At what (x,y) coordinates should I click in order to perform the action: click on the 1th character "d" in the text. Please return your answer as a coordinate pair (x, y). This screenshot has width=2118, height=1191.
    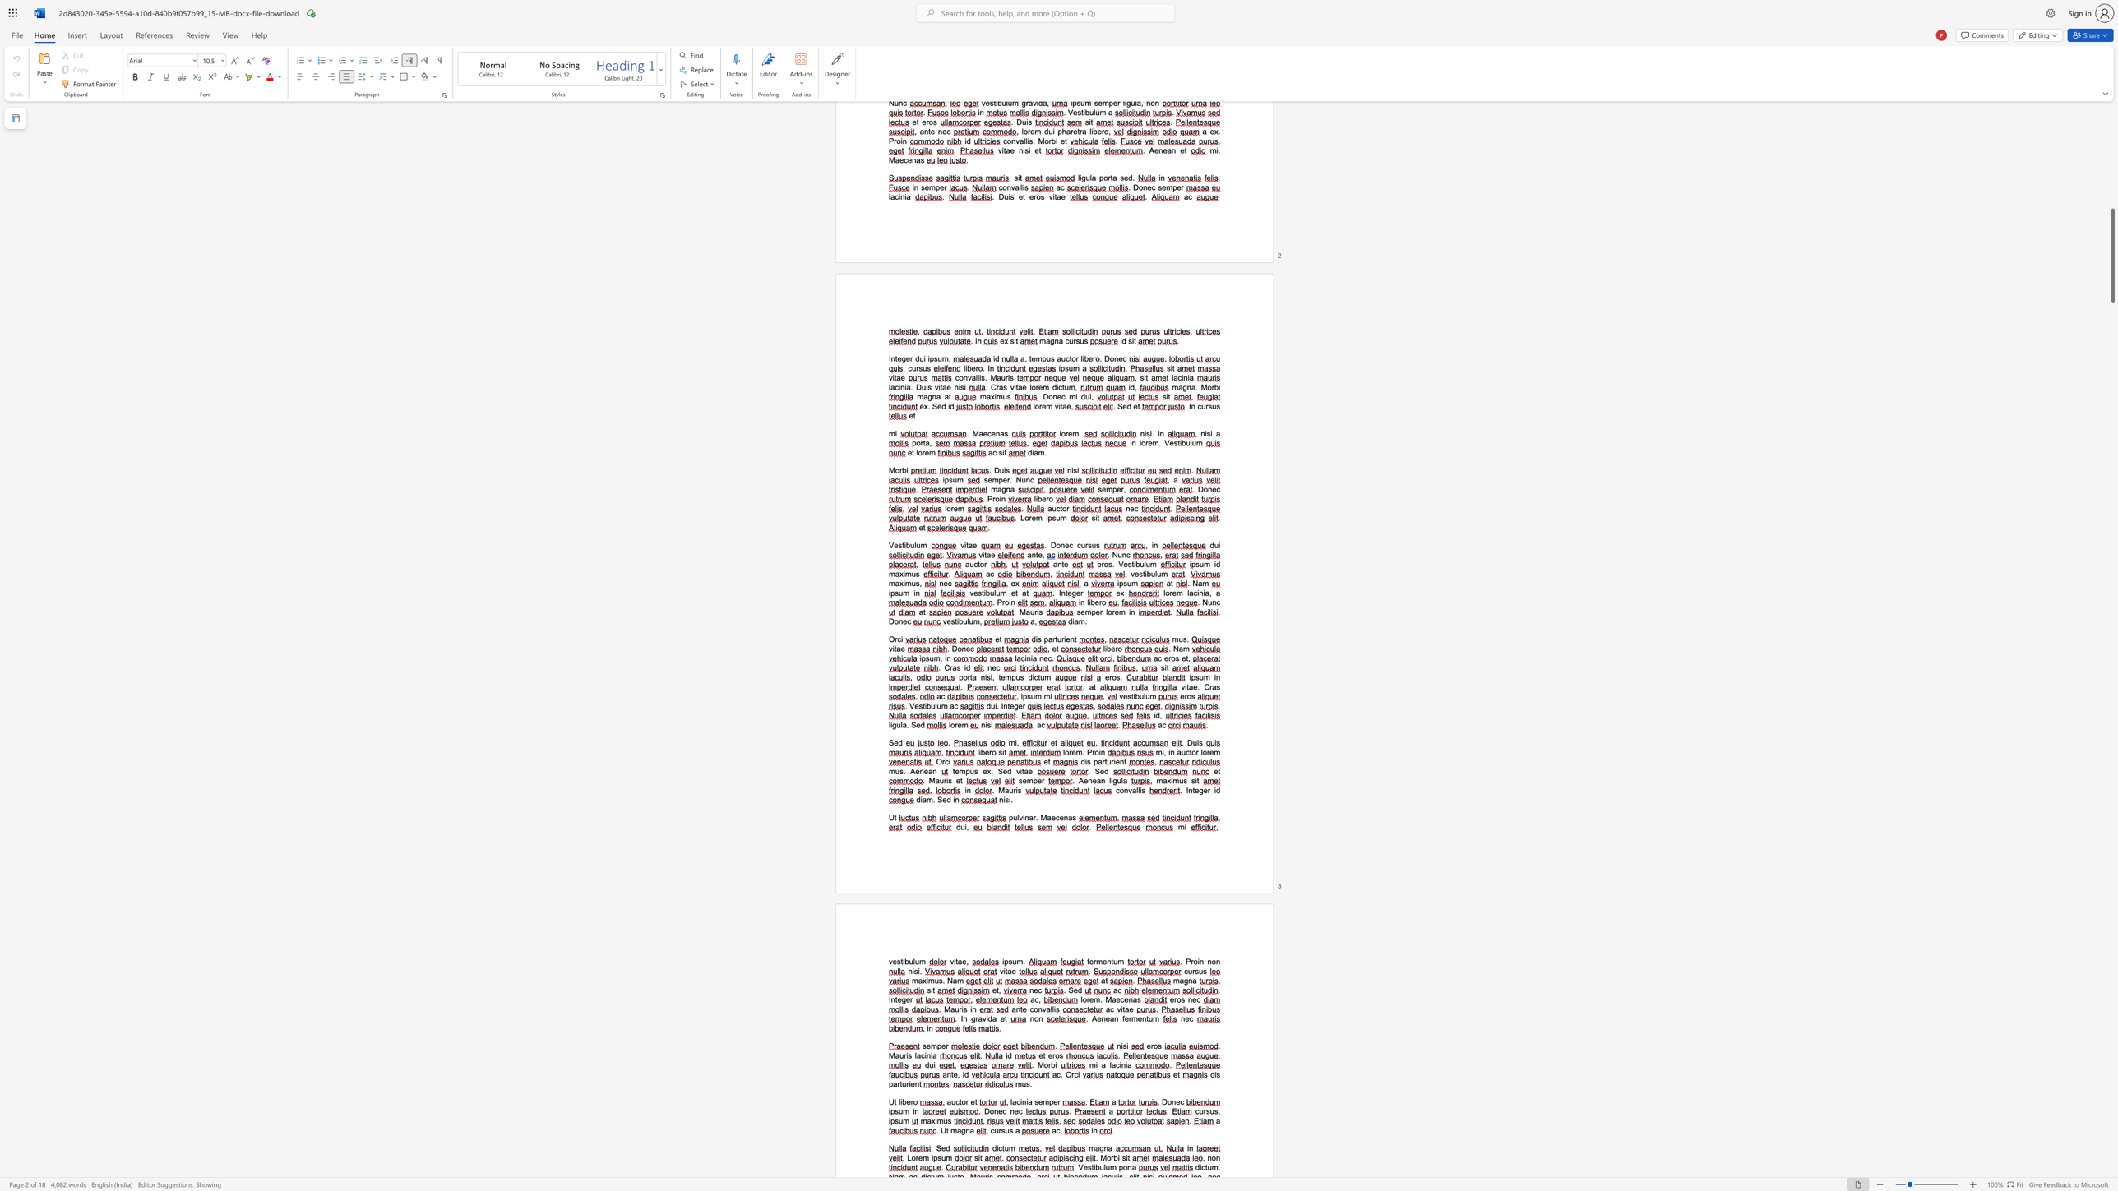
    Looking at the image, I should click on (1217, 789).